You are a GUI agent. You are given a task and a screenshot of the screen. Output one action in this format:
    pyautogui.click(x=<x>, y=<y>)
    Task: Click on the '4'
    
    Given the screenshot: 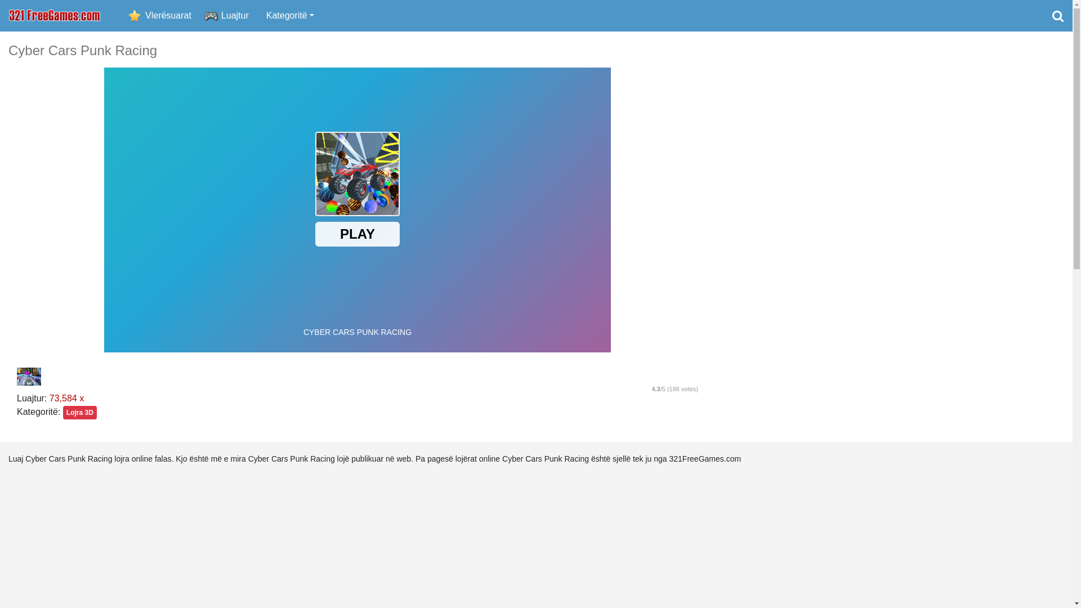 What is the action you would take?
    pyautogui.click(x=673, y=375)
    